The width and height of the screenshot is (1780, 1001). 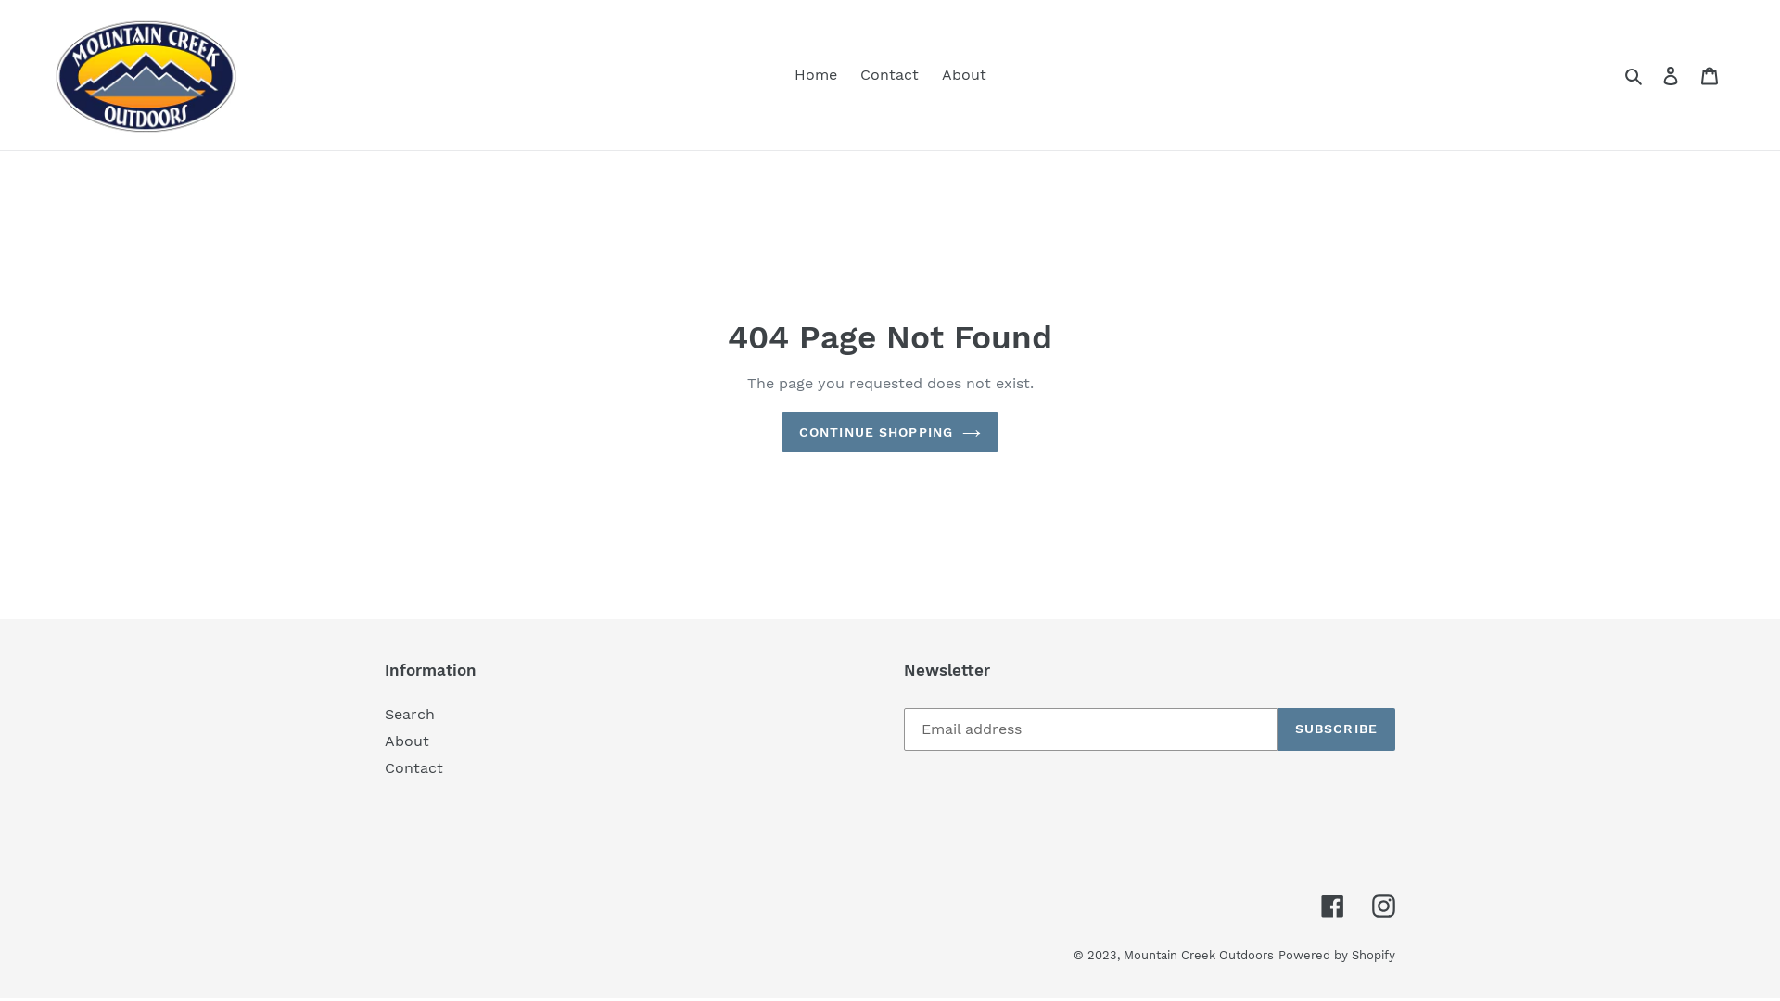 I want to click on 'Home', so click(x=814, y=74).